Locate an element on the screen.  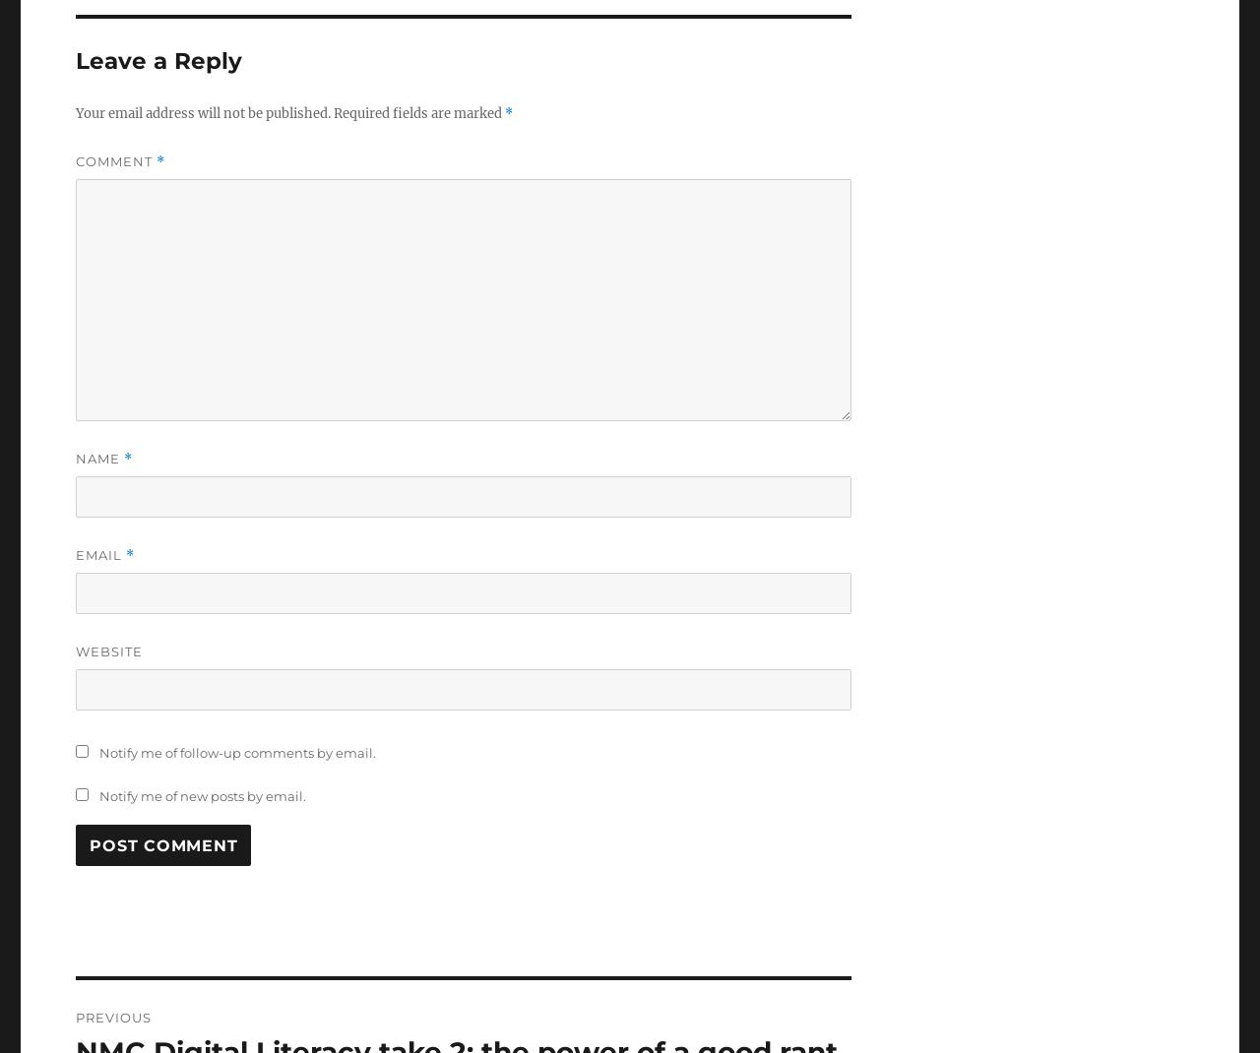
'Notify me of follow-up comments by email.' is located at coordinates (236, 752).